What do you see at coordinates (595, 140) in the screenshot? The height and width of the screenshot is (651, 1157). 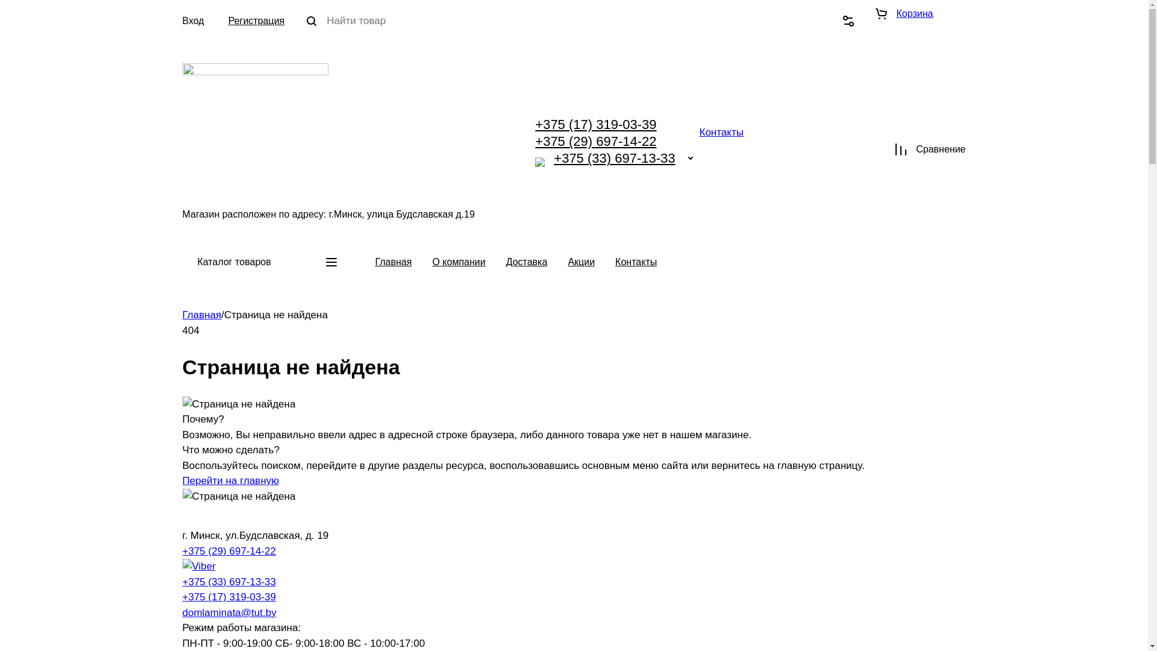 I see `'+375 (29) 697-14-22'` at bounding box center [595, 140].